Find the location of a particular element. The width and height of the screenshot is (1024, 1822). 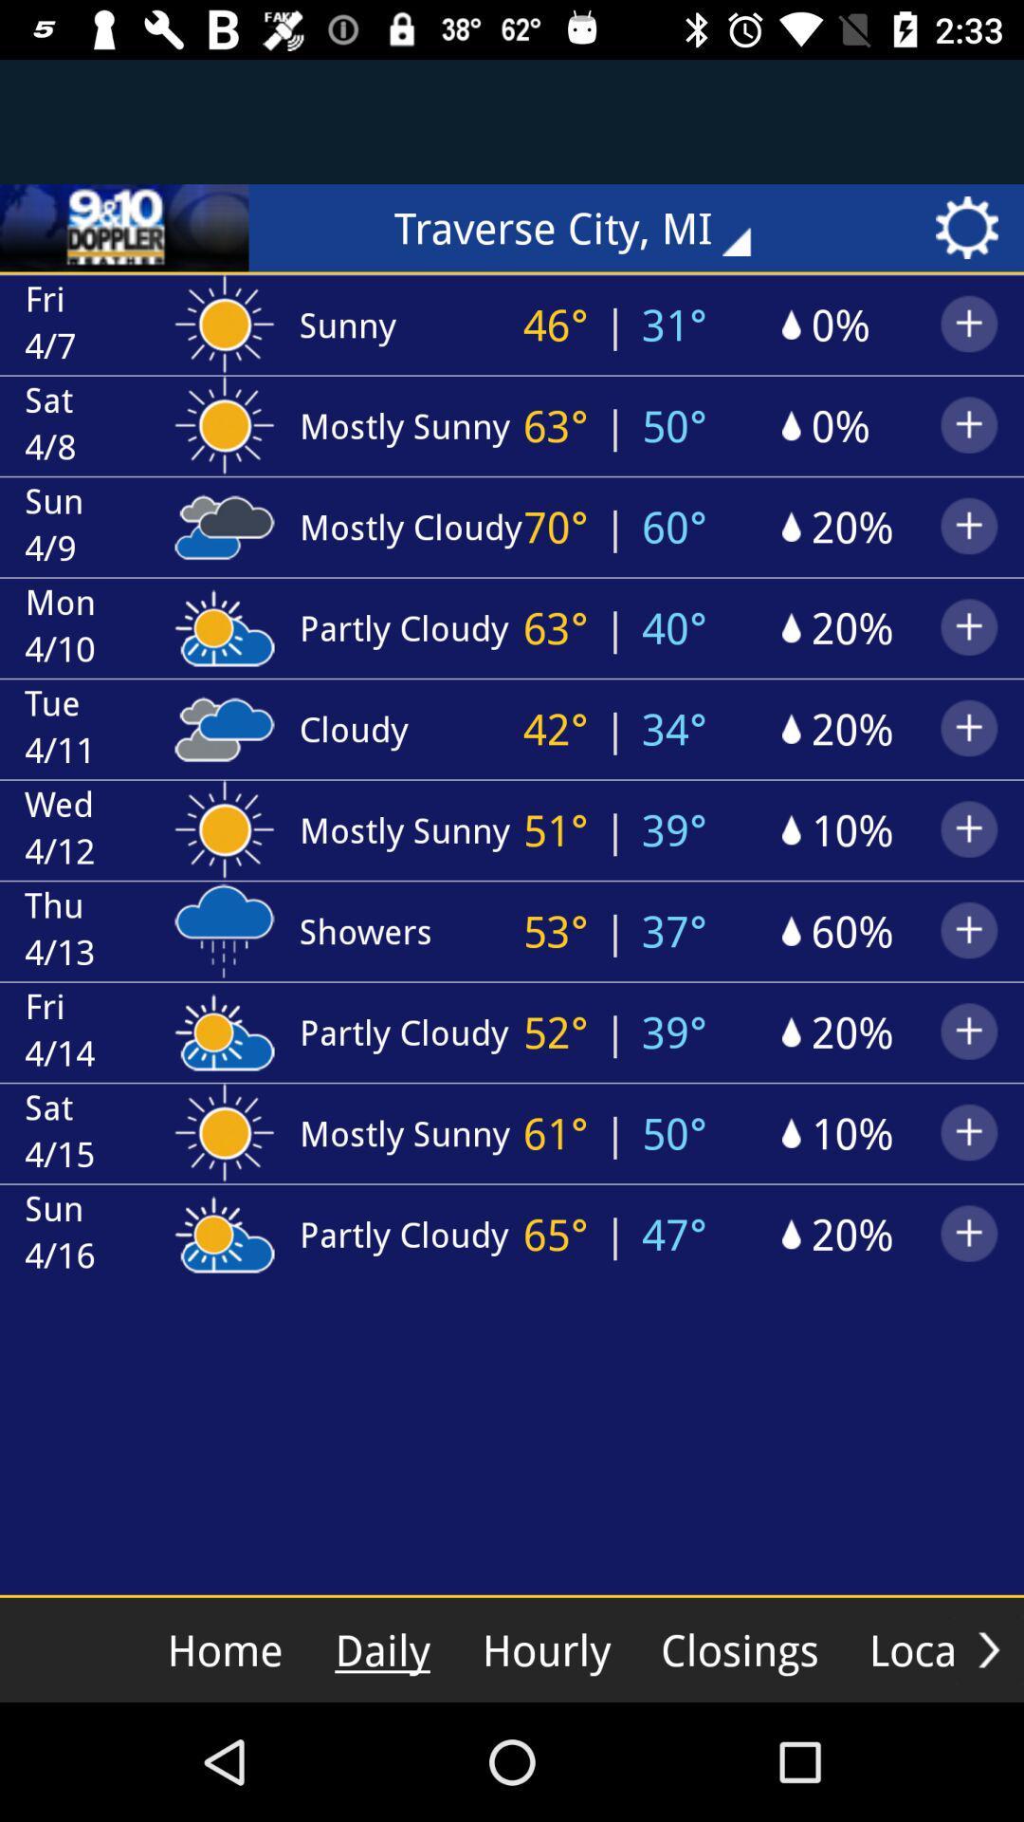

sun icon which is after 48 on the page is located at coordinates (224, 420).